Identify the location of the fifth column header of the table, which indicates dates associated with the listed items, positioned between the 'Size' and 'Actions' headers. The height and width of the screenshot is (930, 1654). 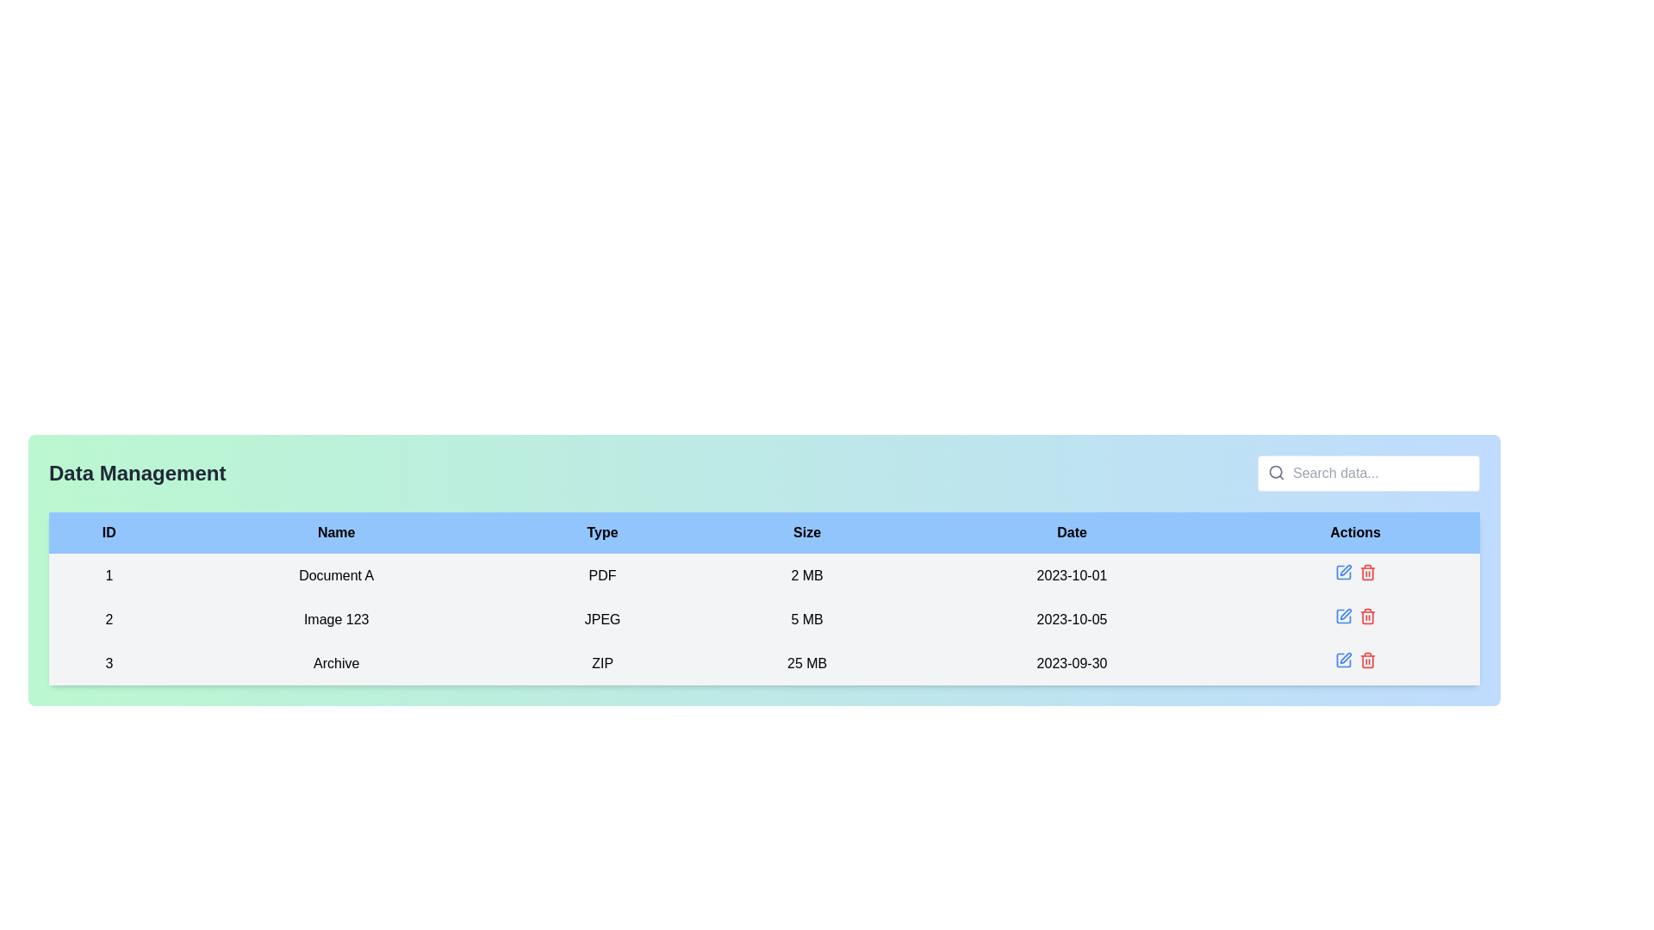
(1071, 531).